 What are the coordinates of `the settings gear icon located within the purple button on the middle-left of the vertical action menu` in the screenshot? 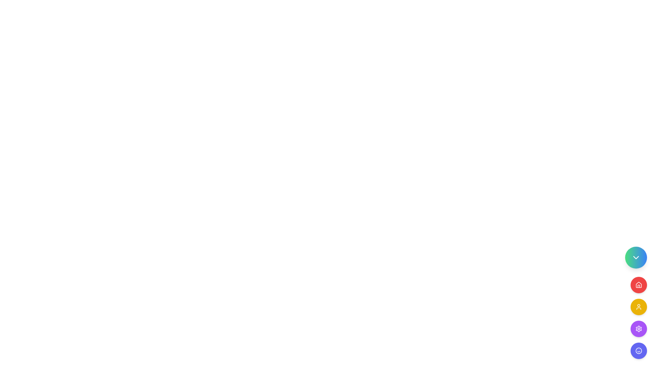 It's located at (638, 329).